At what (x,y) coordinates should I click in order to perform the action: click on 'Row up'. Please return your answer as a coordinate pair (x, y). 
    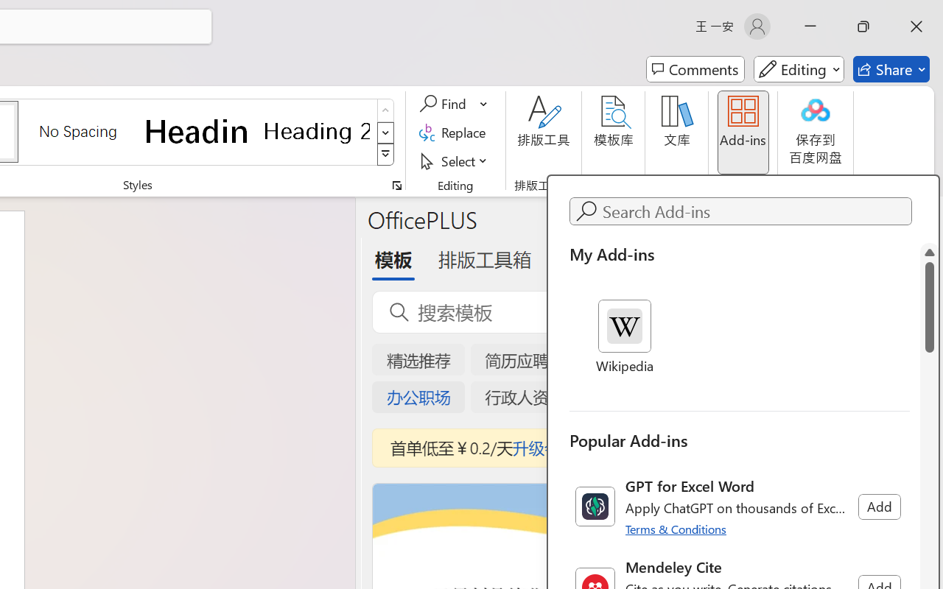
    Looking at the image, I should click on (385, 110).